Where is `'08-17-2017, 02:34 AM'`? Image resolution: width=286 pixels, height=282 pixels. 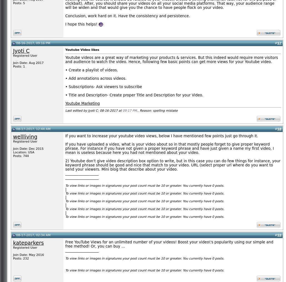
'08-17-2017, 02:34 AM' is located at coordinates (33, 235).